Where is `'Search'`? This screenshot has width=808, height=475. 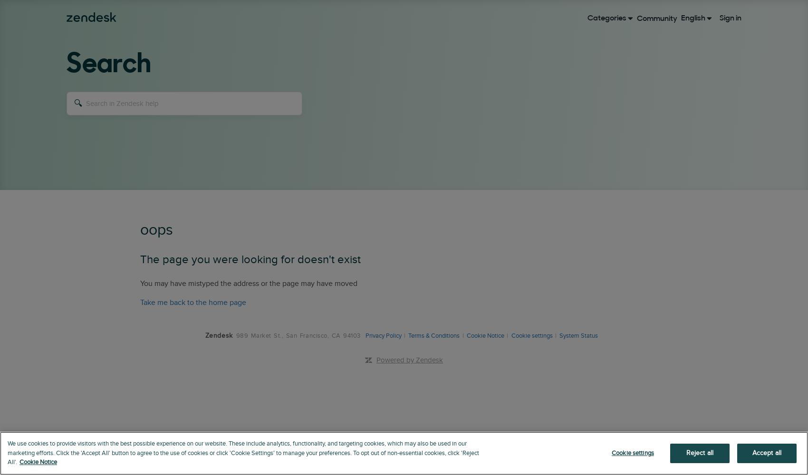 'Search' is located at coordinates (108, 66).